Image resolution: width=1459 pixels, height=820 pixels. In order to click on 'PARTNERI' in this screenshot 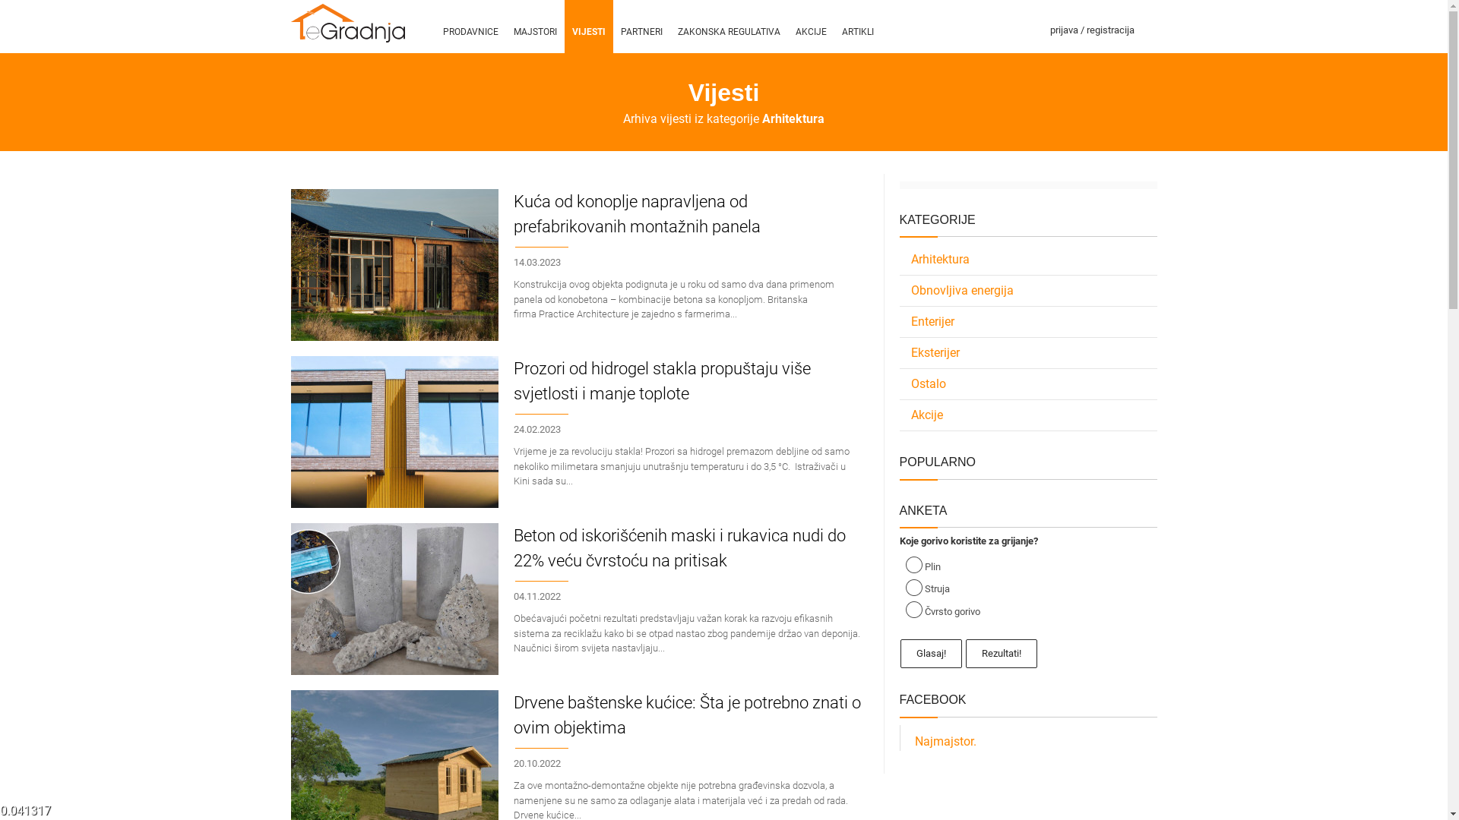, I will do `click(641, 26)`.